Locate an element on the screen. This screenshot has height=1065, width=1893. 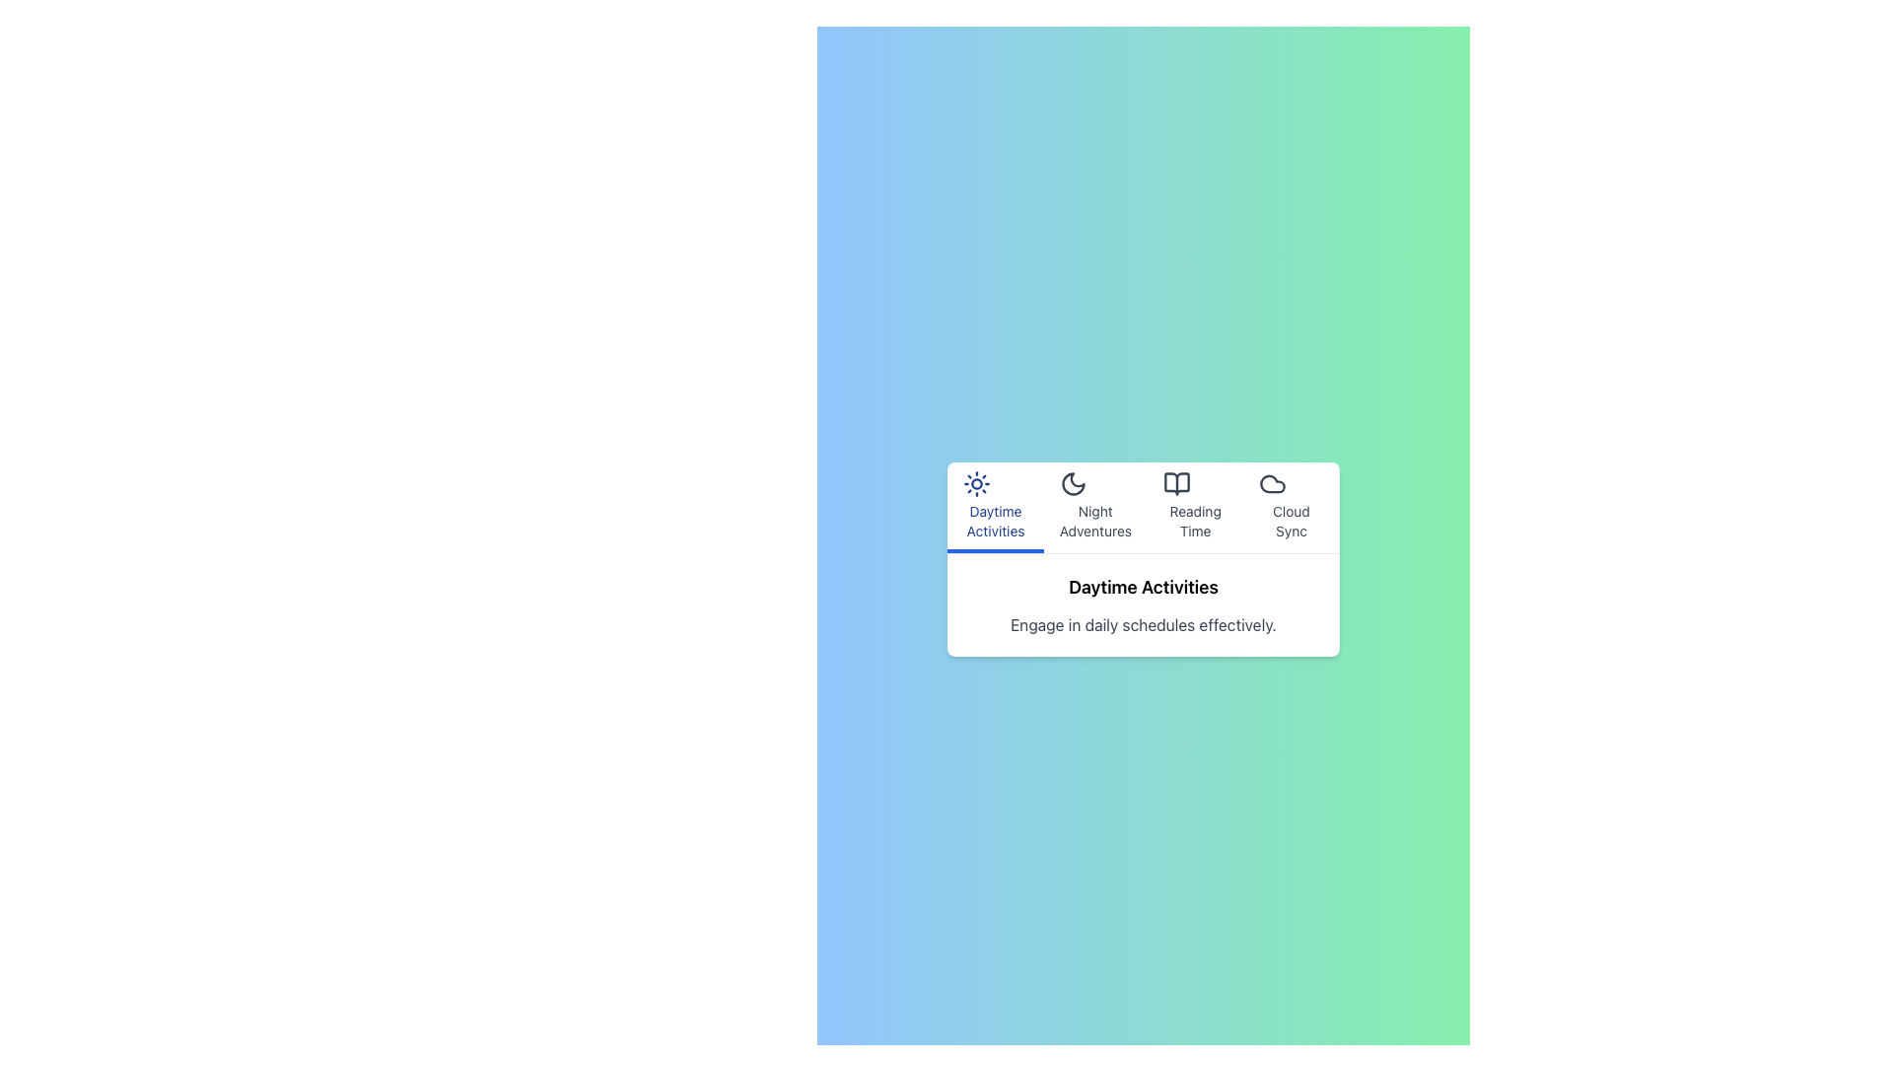
the leftmost icon in the tabbed navigation bar labeled 'Daytime Activities' is located at coordinates (996, 483).